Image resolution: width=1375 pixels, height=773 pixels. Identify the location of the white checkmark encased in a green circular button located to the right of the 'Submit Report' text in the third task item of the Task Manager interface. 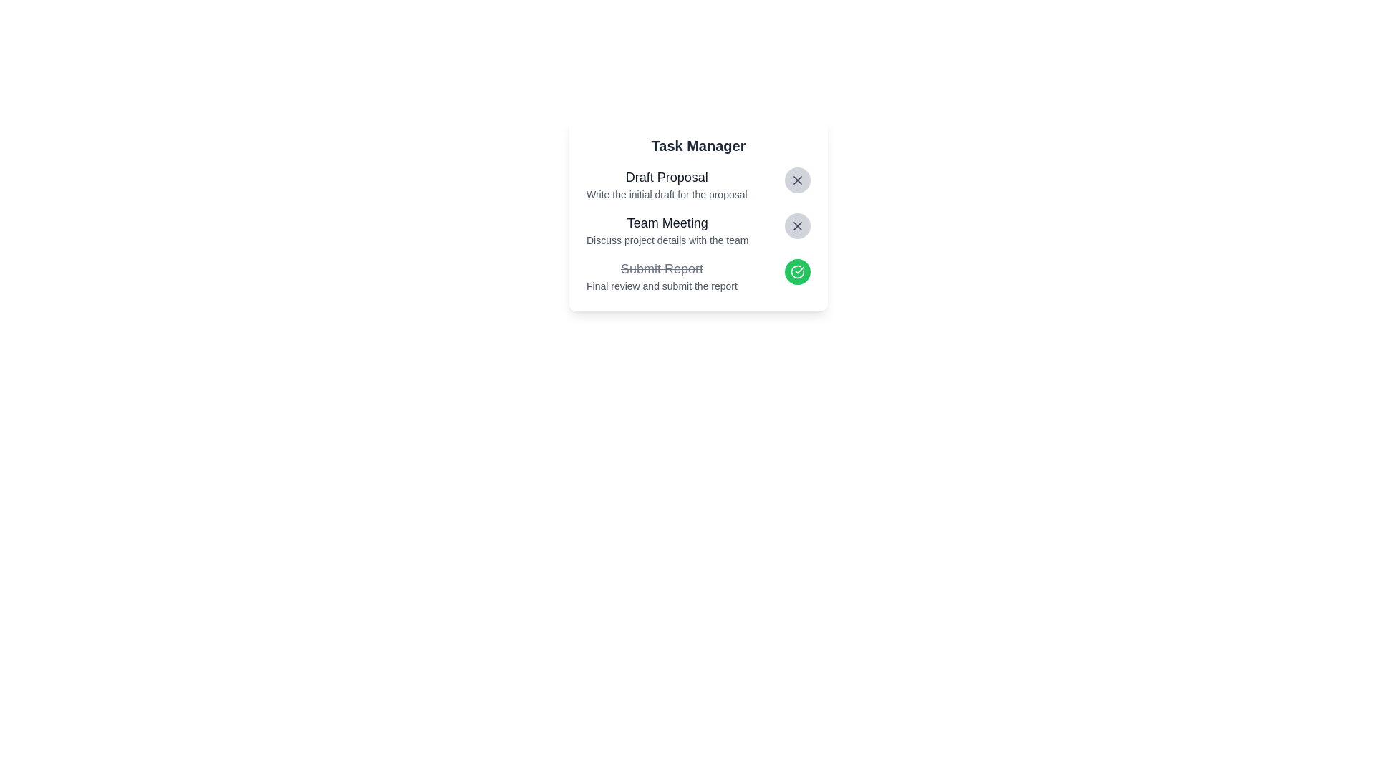
(796, 272).